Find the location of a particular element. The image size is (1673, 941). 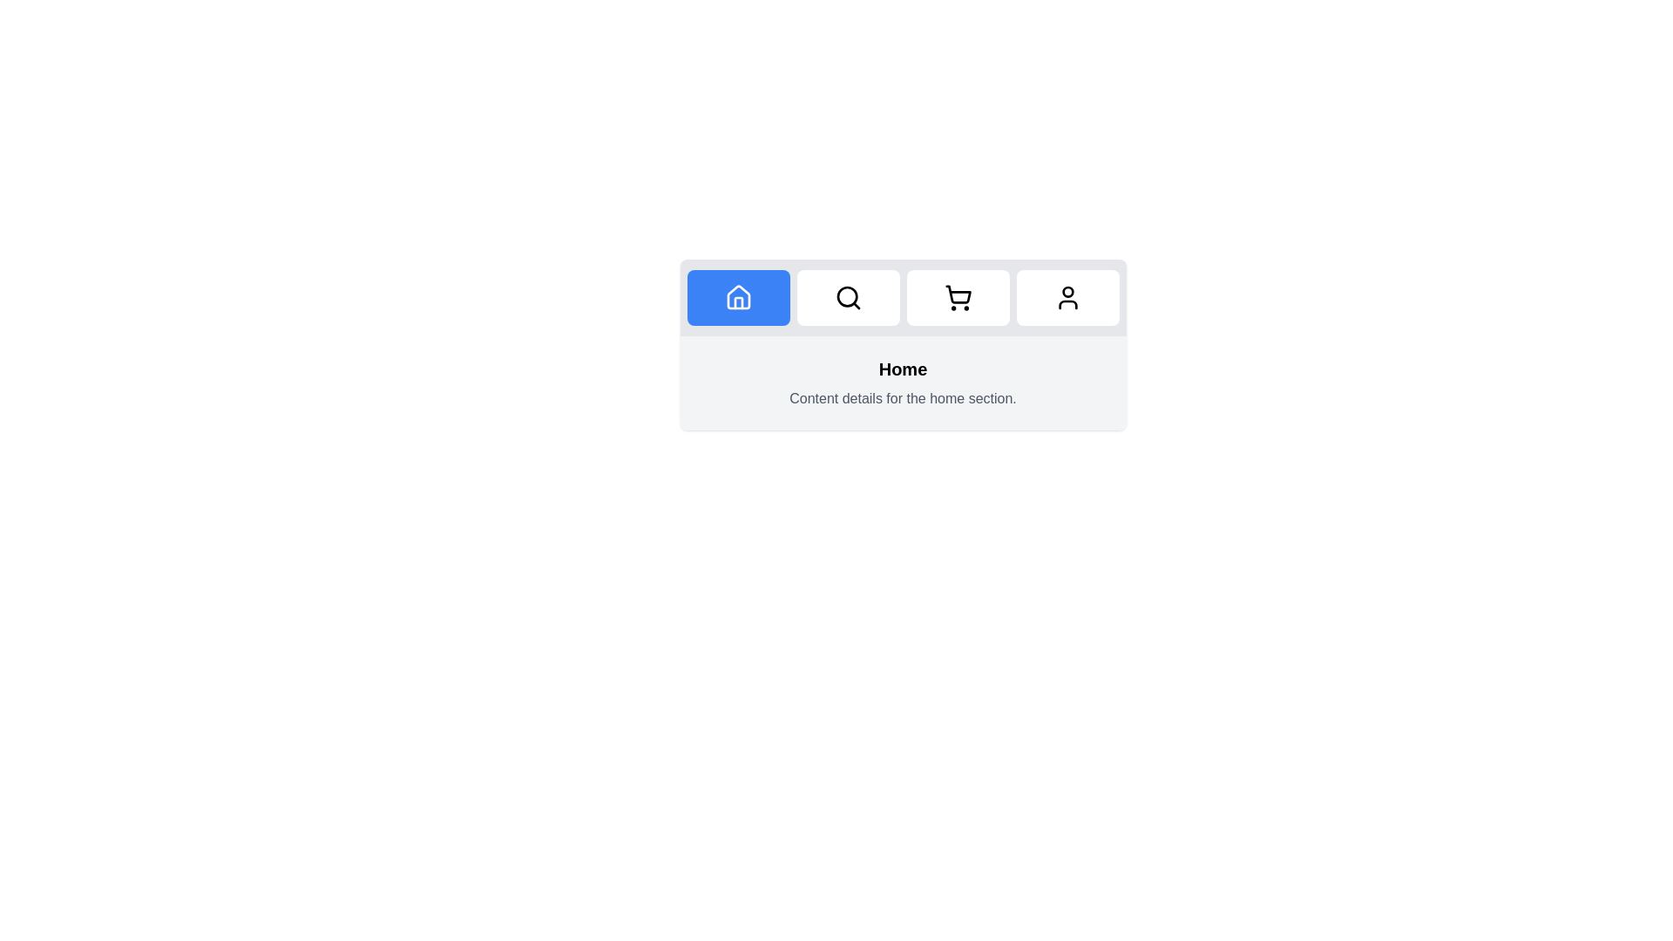

the non-interactive Text Label that serves as a header for the section, positioned centrally above a smaller text element and below a horizontal navigation menu is located at coordinates (903, 369).